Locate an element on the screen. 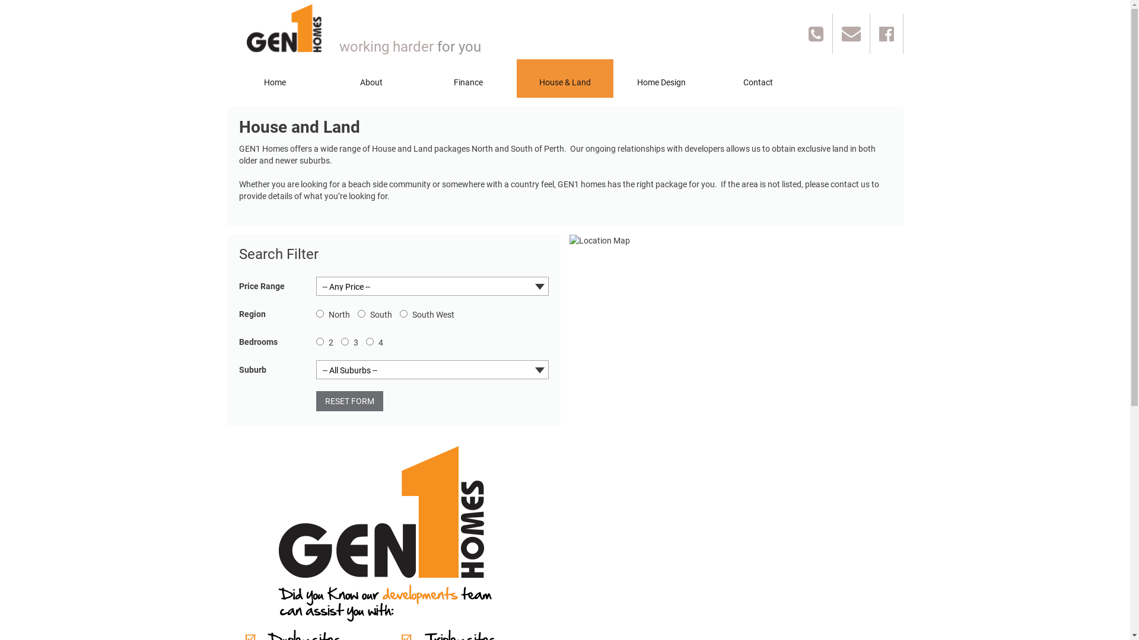 This screenshot has width=1139, height=640. 'Contact' is located at coordinates (757, 81).